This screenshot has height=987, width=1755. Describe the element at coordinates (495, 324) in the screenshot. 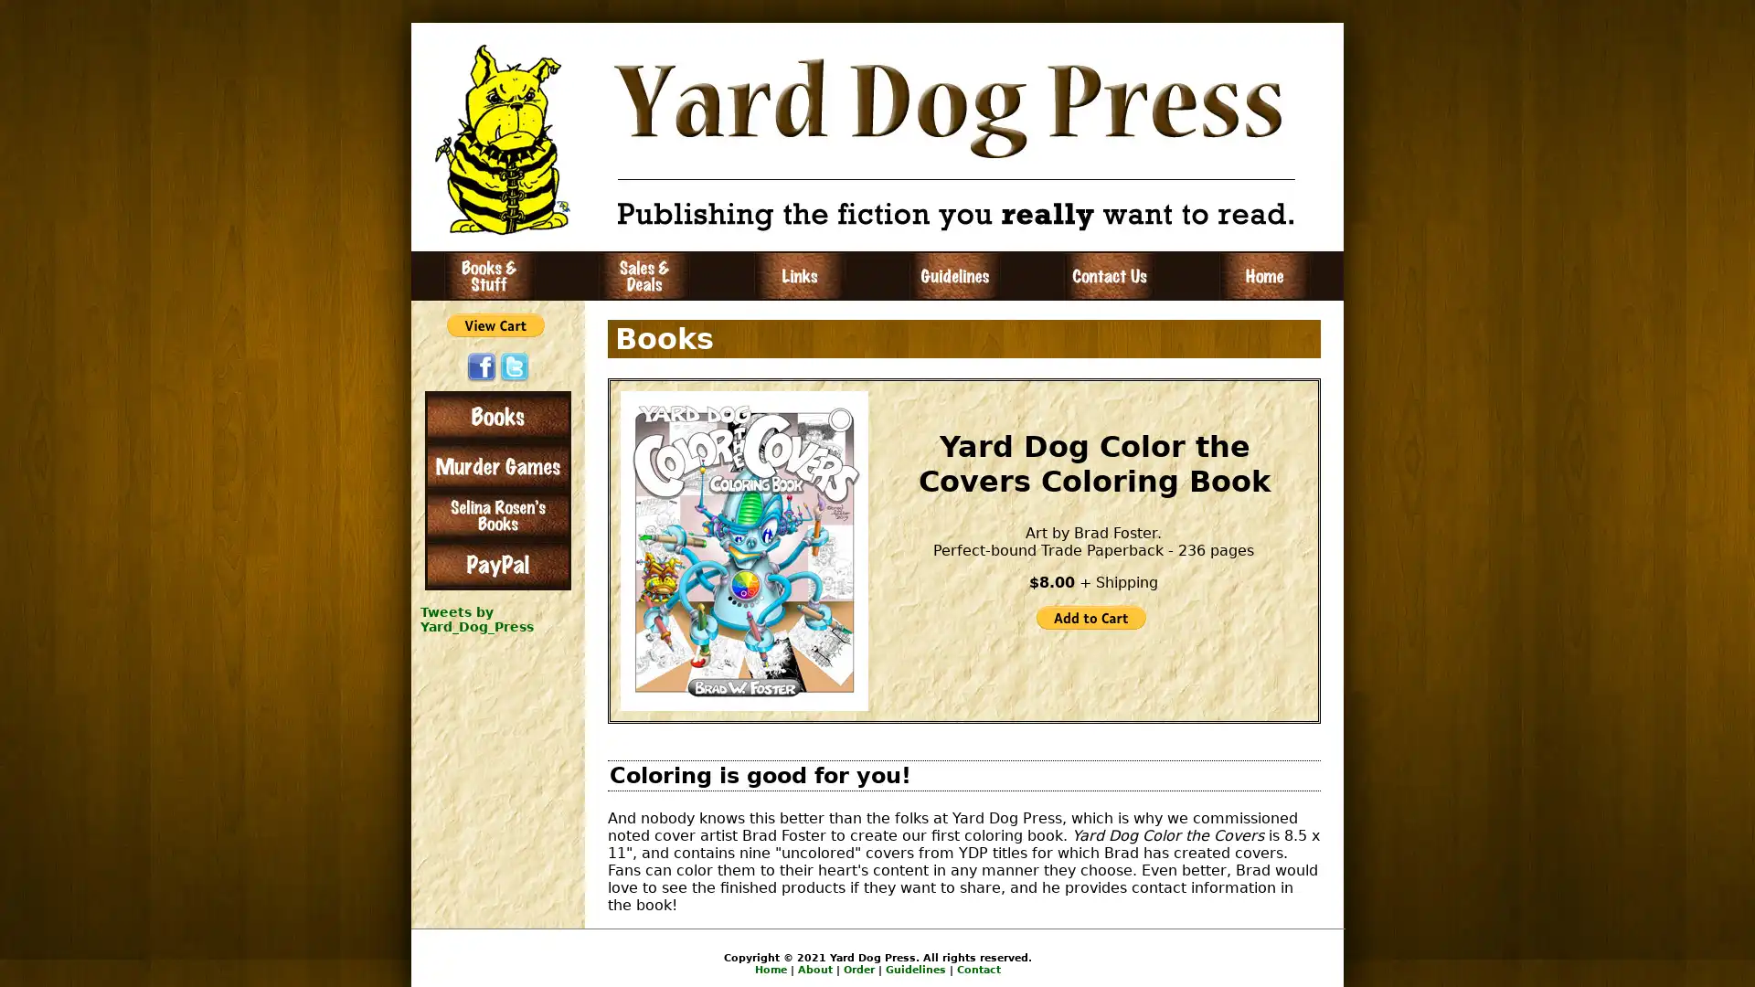

I see `PayPal - The safer, easier way to pay online` at that location.